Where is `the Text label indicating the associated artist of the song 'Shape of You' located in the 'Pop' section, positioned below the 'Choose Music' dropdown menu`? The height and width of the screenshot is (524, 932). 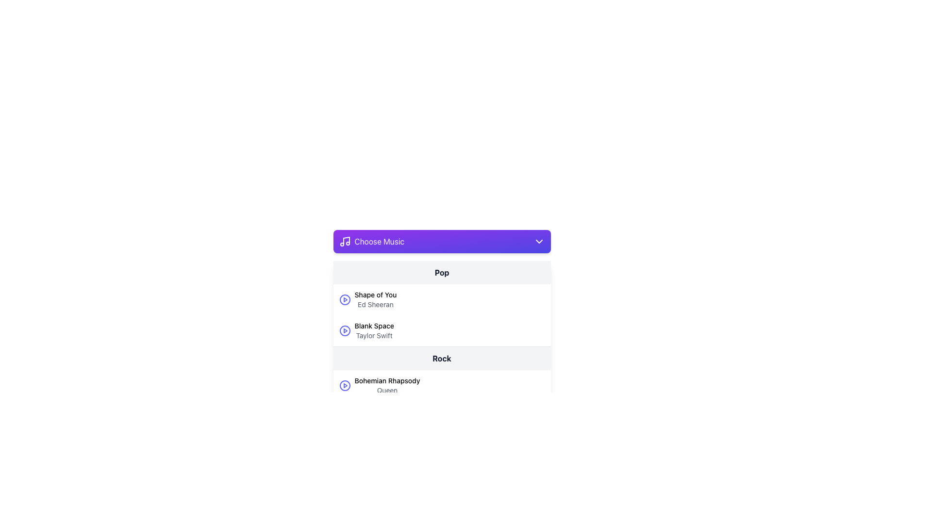
the Text label indicating the associated artist of the song 'Shape of You' located in the 'Pop' section, positioned below the 'Choose Music' dropdown menu is located at coordinates (375, 304).